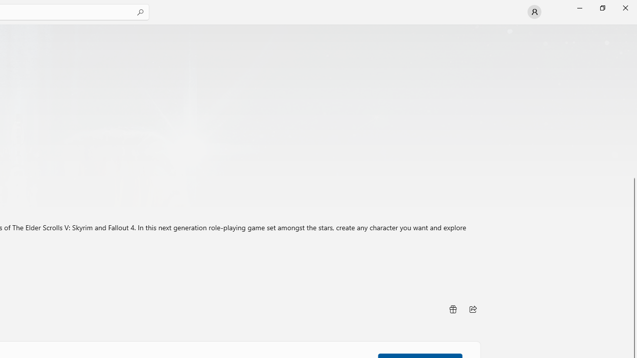  What do you see at coordinates (579, 7) in the screenshot?
I see `'Minimize Microsoft Store'` at bounding box center [579, 7].